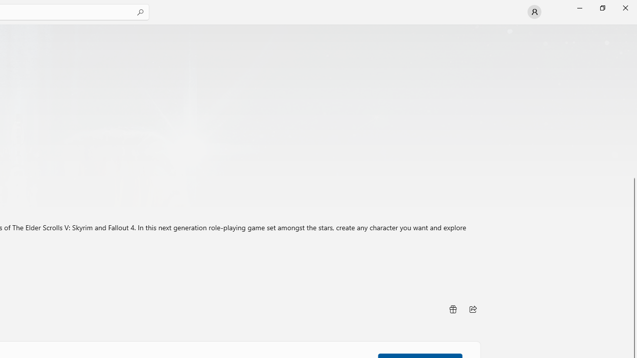  What do you see at coordinates (579, 7) in the screenshot?
I see `'Minimize Microsoft Store'` at bounding box center [579, 7].